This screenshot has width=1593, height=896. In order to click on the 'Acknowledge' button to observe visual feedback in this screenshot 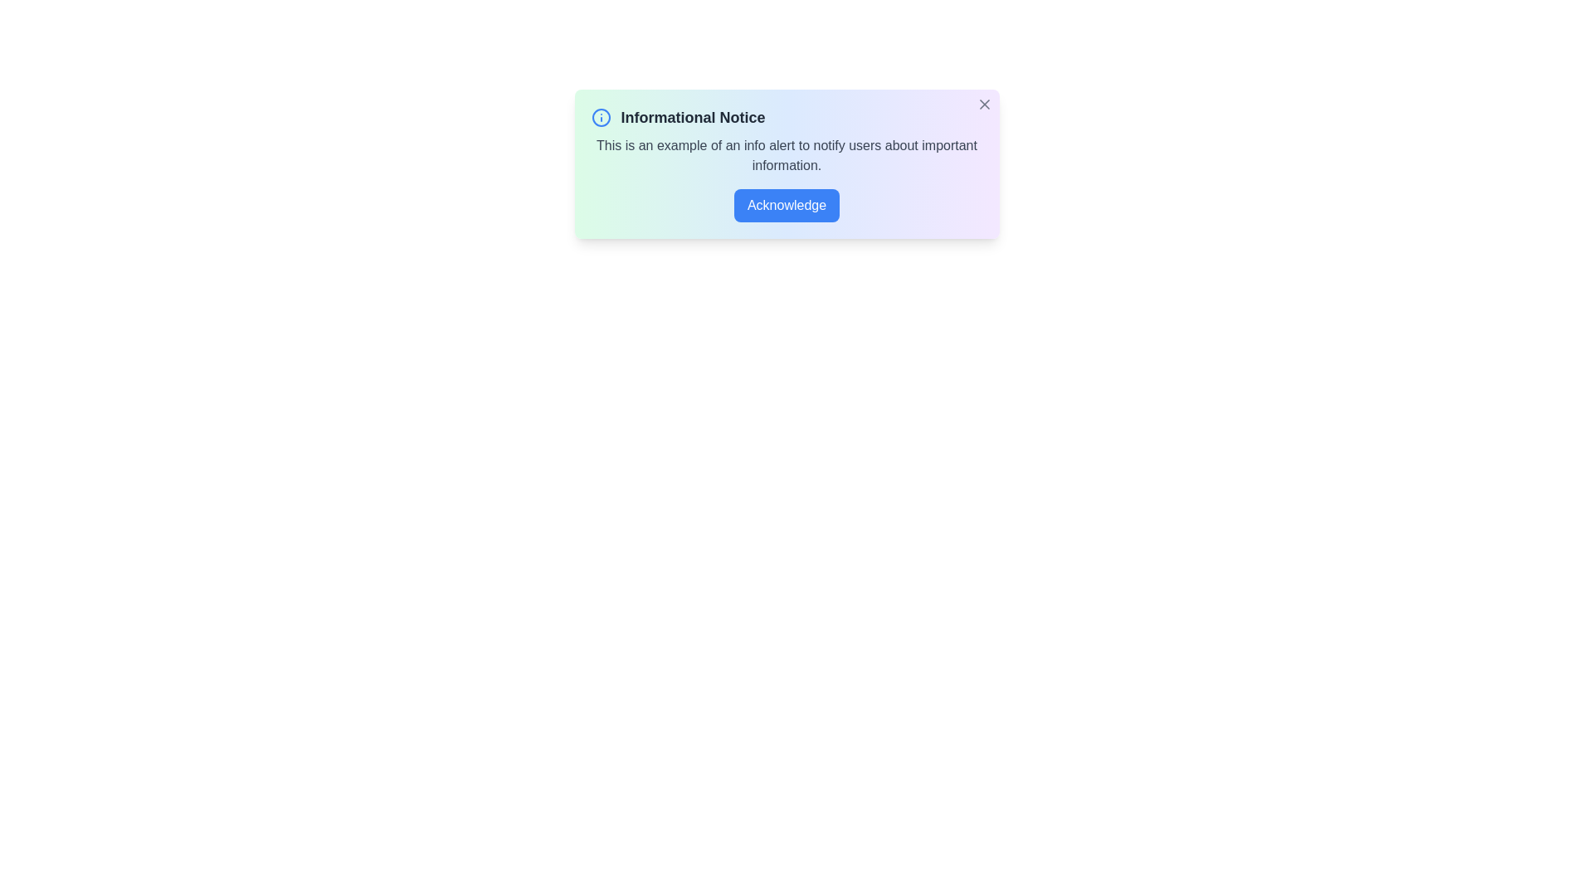, I will do `click(786, 204)`.